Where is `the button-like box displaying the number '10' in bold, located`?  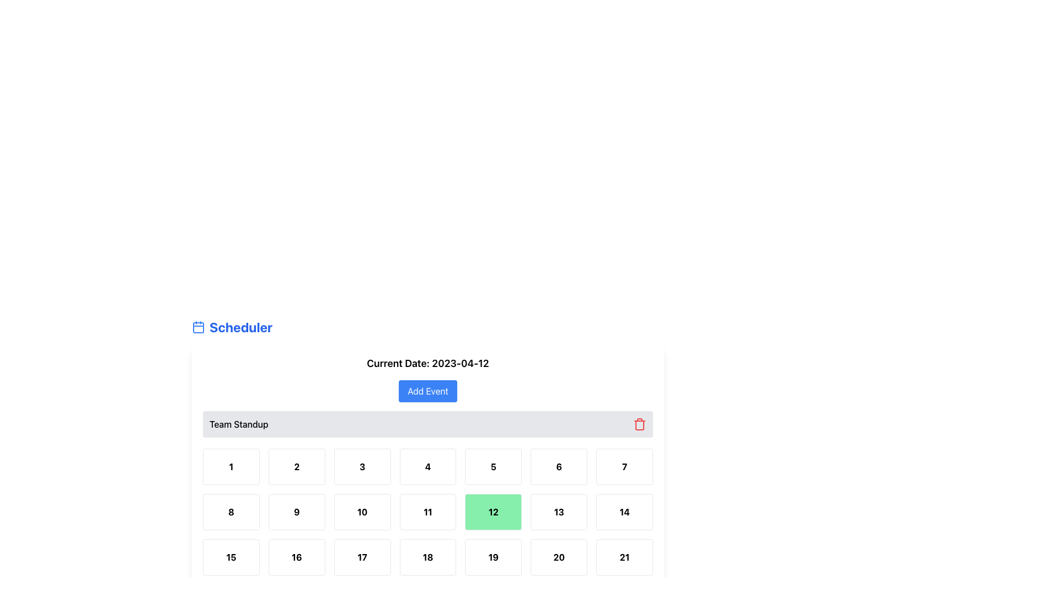
the button-like box displaying the number '10' in bold, located is located at coordinates (362, 512).